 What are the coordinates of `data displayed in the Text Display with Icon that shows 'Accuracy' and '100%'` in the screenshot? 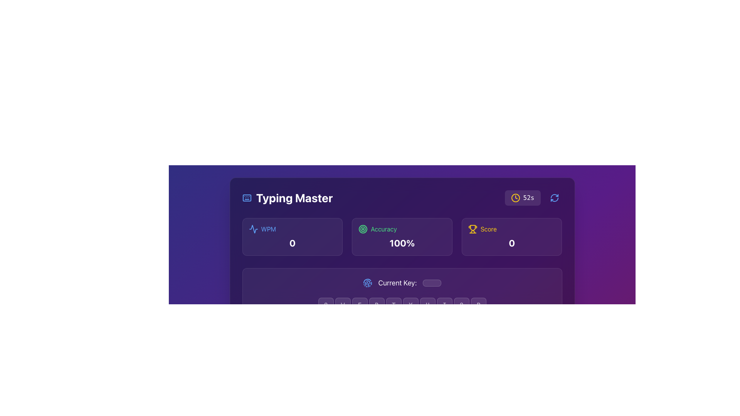 It's located at (402, 236).